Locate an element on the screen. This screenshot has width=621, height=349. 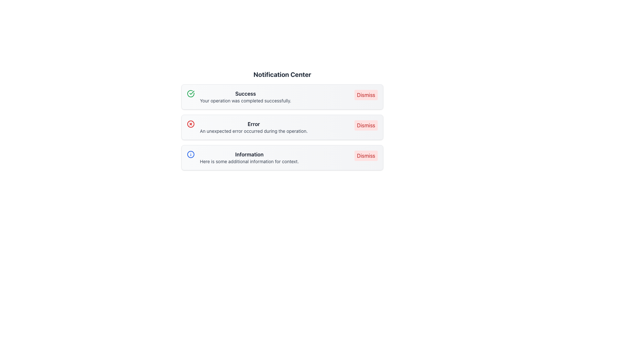
the 'Dismiss' button with a red background and red text located at the top right corner of the notification group is located at coordinates (366, 95).